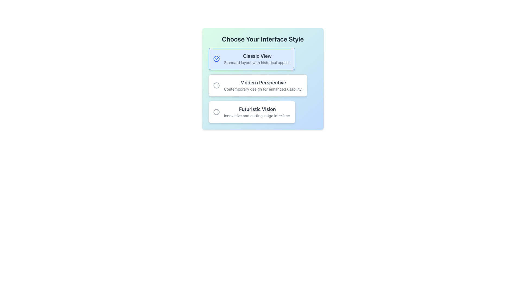 This screenshot has height=293, width=521. I want to click on the text label 'Modern Perspective', which is the second option in the interface style selection menu, located at the center of the interface, so click(263, 82).